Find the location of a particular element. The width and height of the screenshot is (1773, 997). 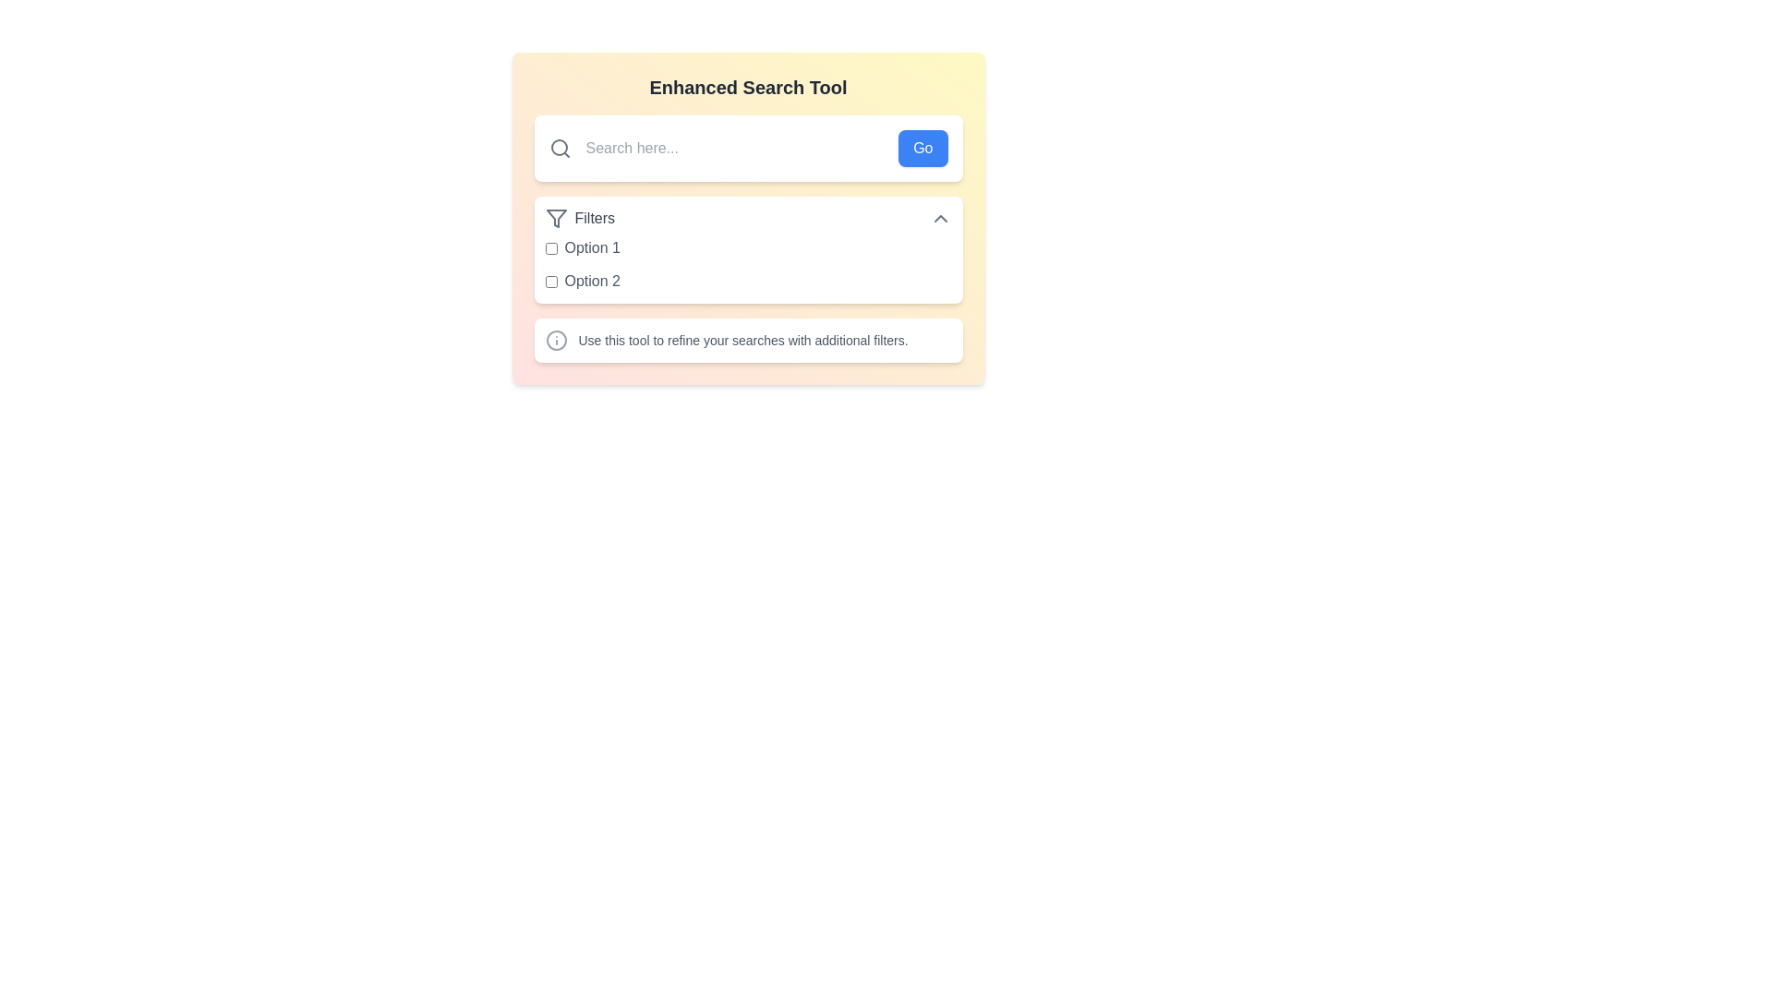

the checkbox labeled 'Option 1' in the 'Enhanced Search Tool' interface is located at coordinates (549, 247).